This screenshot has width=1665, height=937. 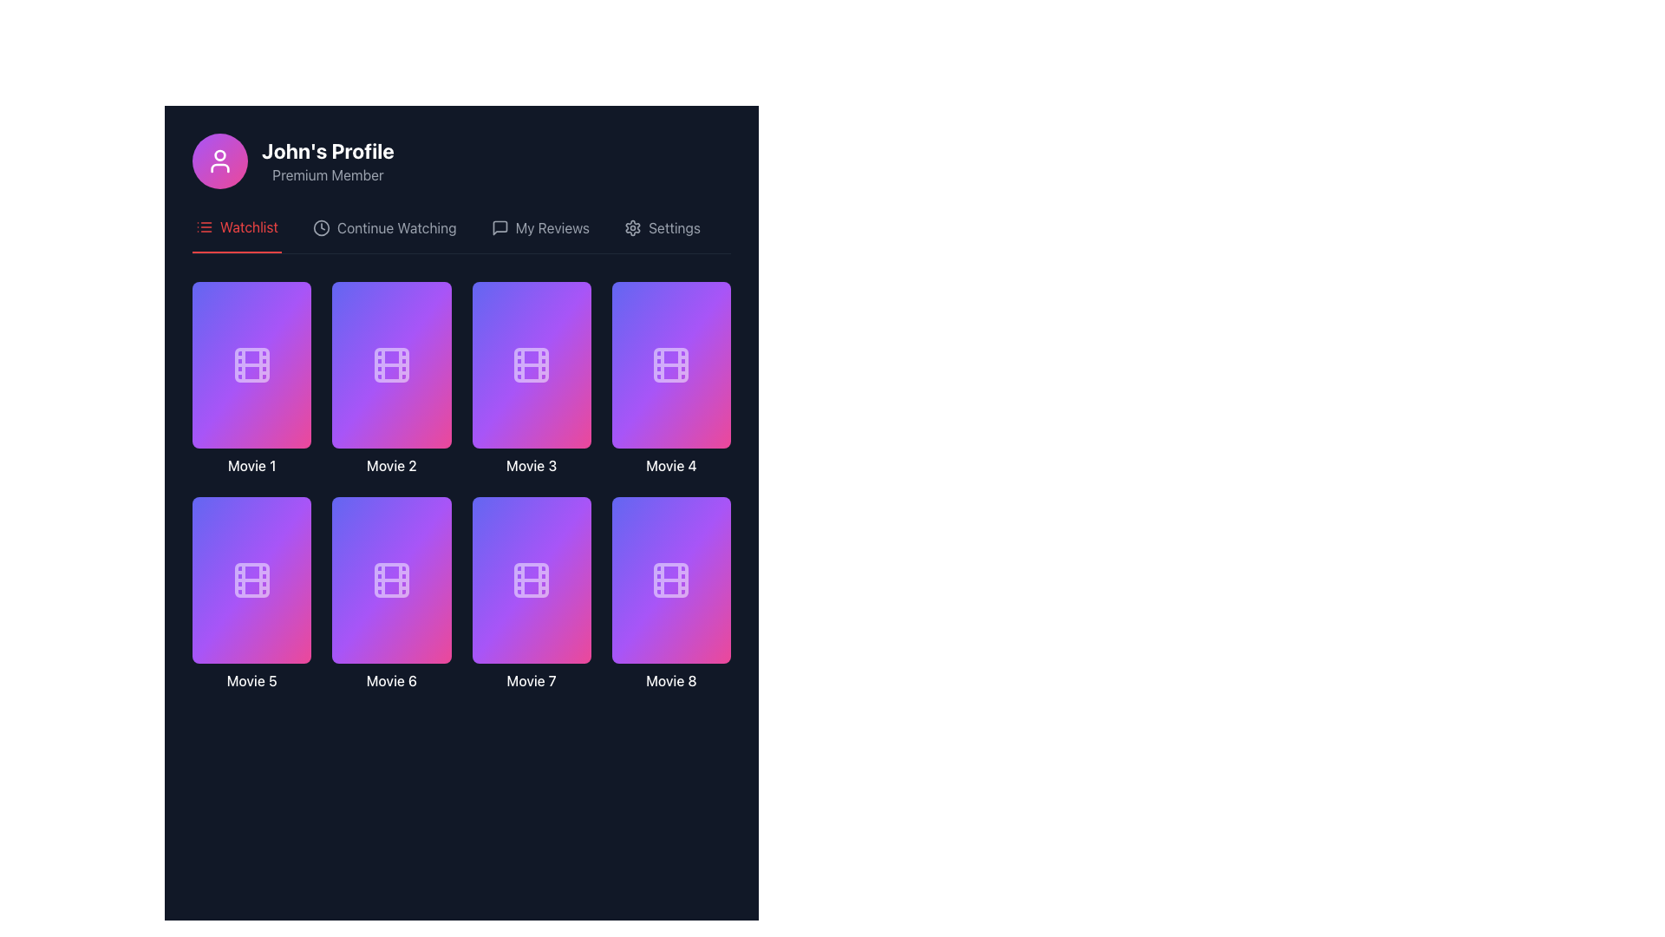 I want to click on the rectangular icon with rounded corners located in the 'Movie 6' card within the grid layout of movie items, so click(x=390, y=580).